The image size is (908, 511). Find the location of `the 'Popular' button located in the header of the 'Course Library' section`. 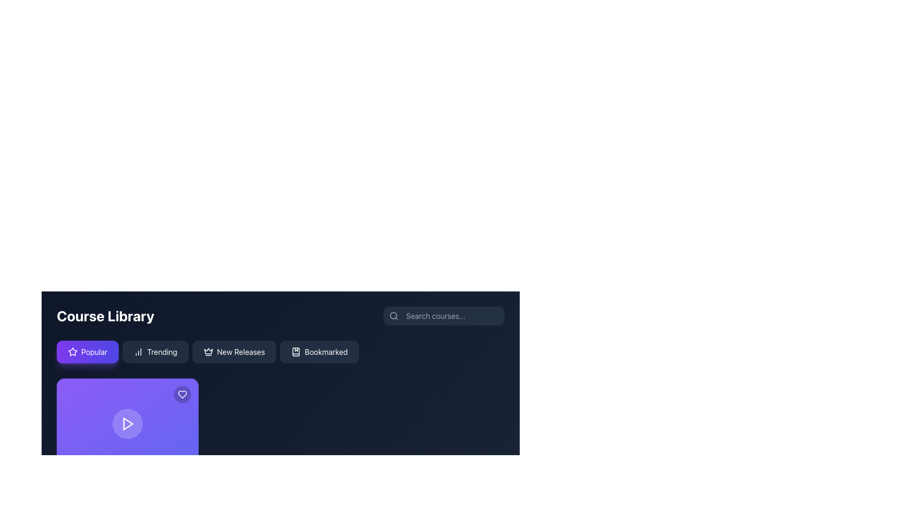

the 'Popular' button located in the header of the 'Course Library' section is located at coordinates (87, 352).